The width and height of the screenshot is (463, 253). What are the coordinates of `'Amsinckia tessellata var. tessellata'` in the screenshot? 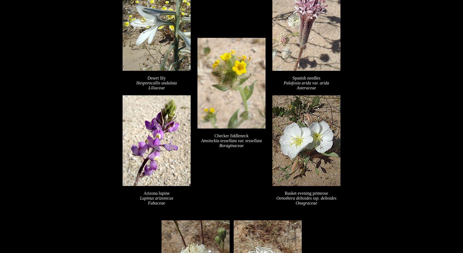 It's located at (231, 140).